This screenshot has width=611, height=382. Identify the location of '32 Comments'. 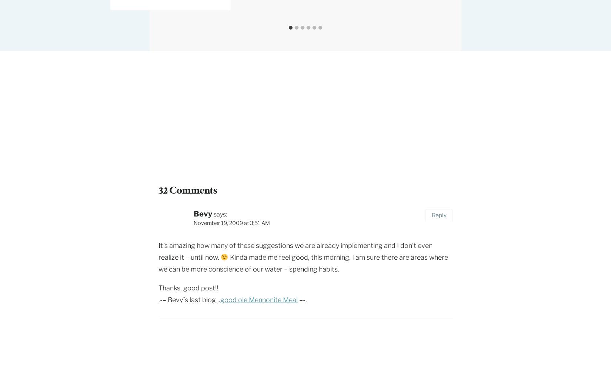
(187, 190).